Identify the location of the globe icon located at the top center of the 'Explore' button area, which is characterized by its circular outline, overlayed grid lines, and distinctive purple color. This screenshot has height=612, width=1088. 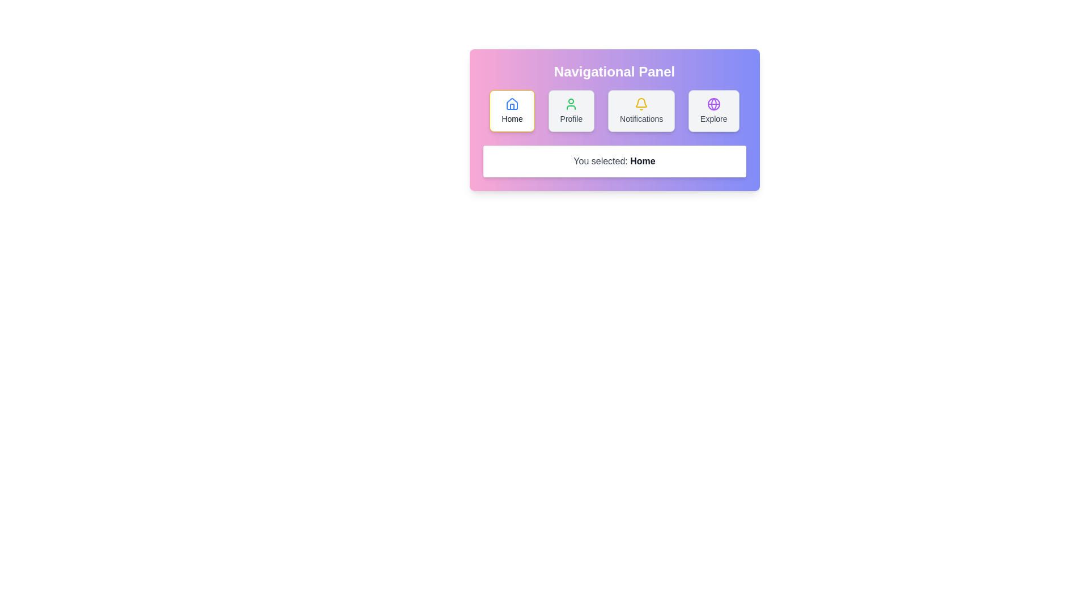
(713, 104).